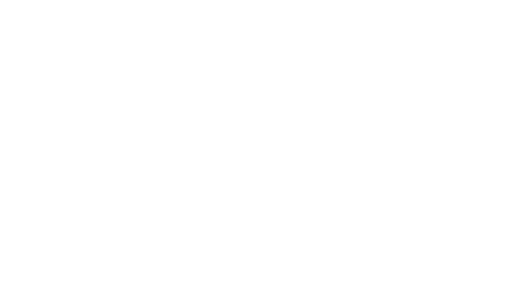 This screenshot has width=511, height=289. What do you see at coordinates (97, 20) in the screenshot?
I see `'Brian Wright'` at bounding box center [97, 20].